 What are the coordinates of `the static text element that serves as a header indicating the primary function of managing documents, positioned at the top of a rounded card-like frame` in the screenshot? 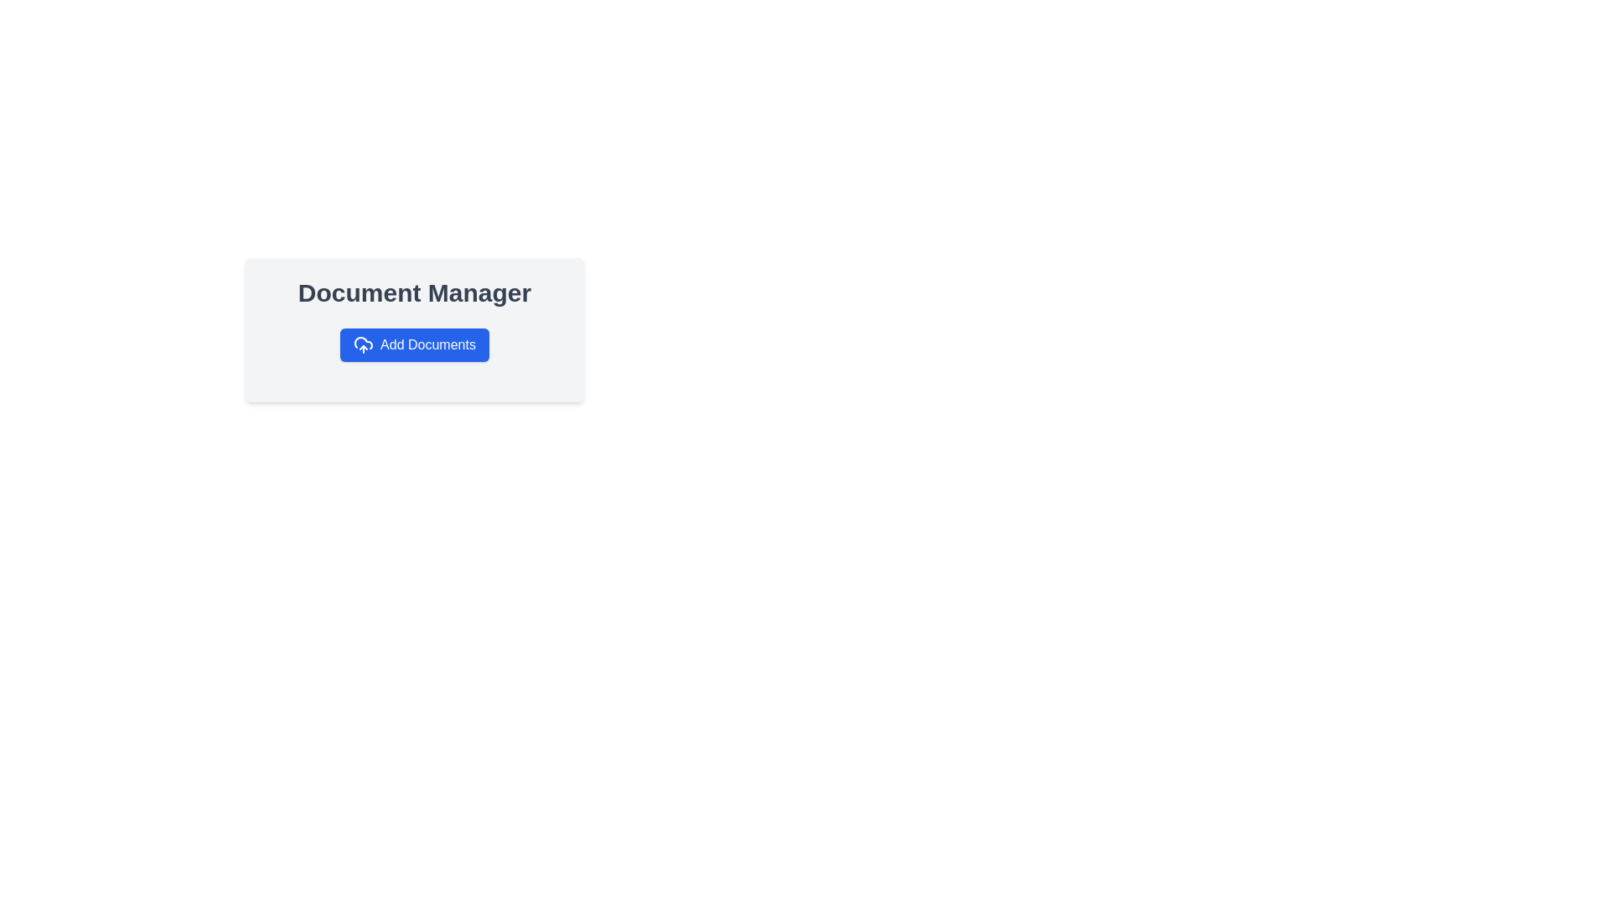 It's located at (414, 292).